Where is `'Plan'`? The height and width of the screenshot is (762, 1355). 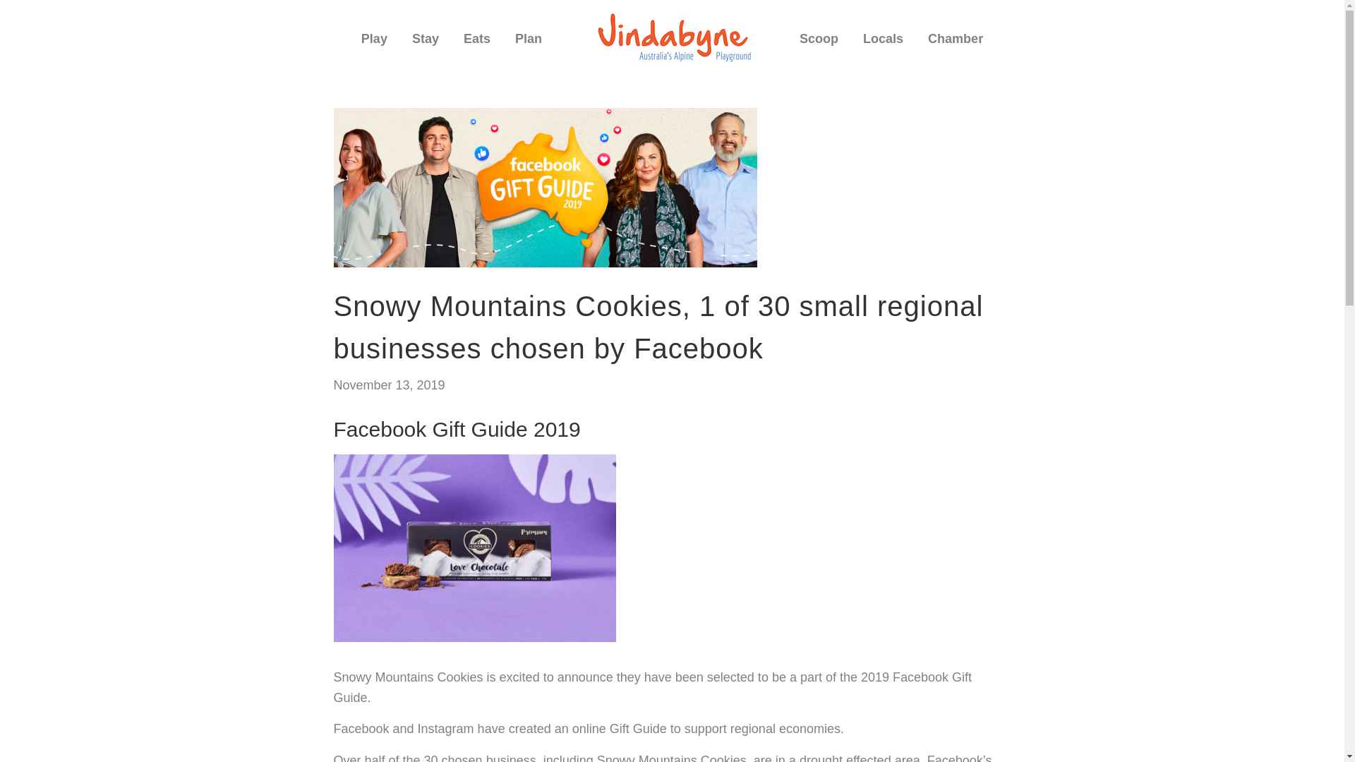
'Plan' is located at coordinates (527, 44).